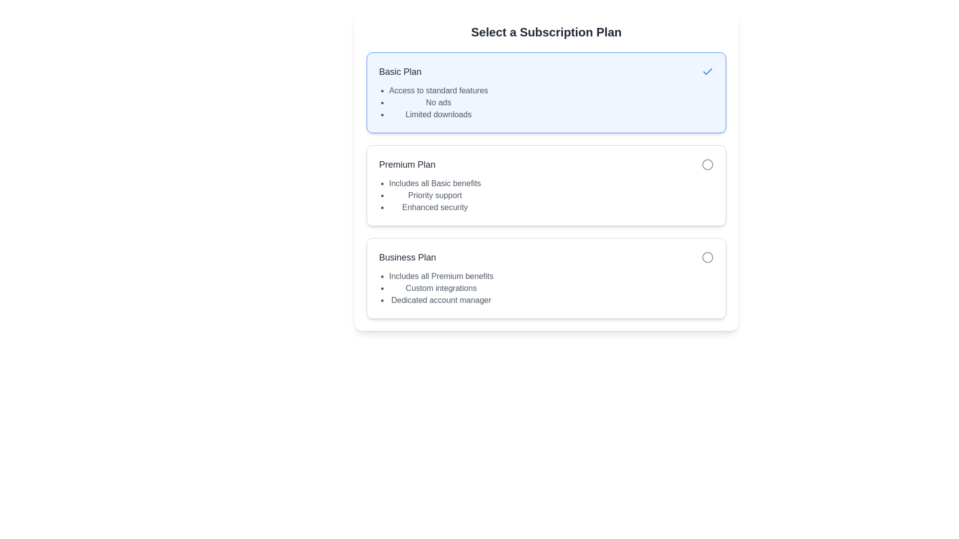 Image resolution: width=959 pixels, height=539 pixels. Describe the element at coordinates (407, 164) in the screenshot. I see `the text label indicating the name of the 'Premium Plan' subscription option, which is centrally located in the text area below the 'Basic Plan' and above the 'Business Plan'` at that location.